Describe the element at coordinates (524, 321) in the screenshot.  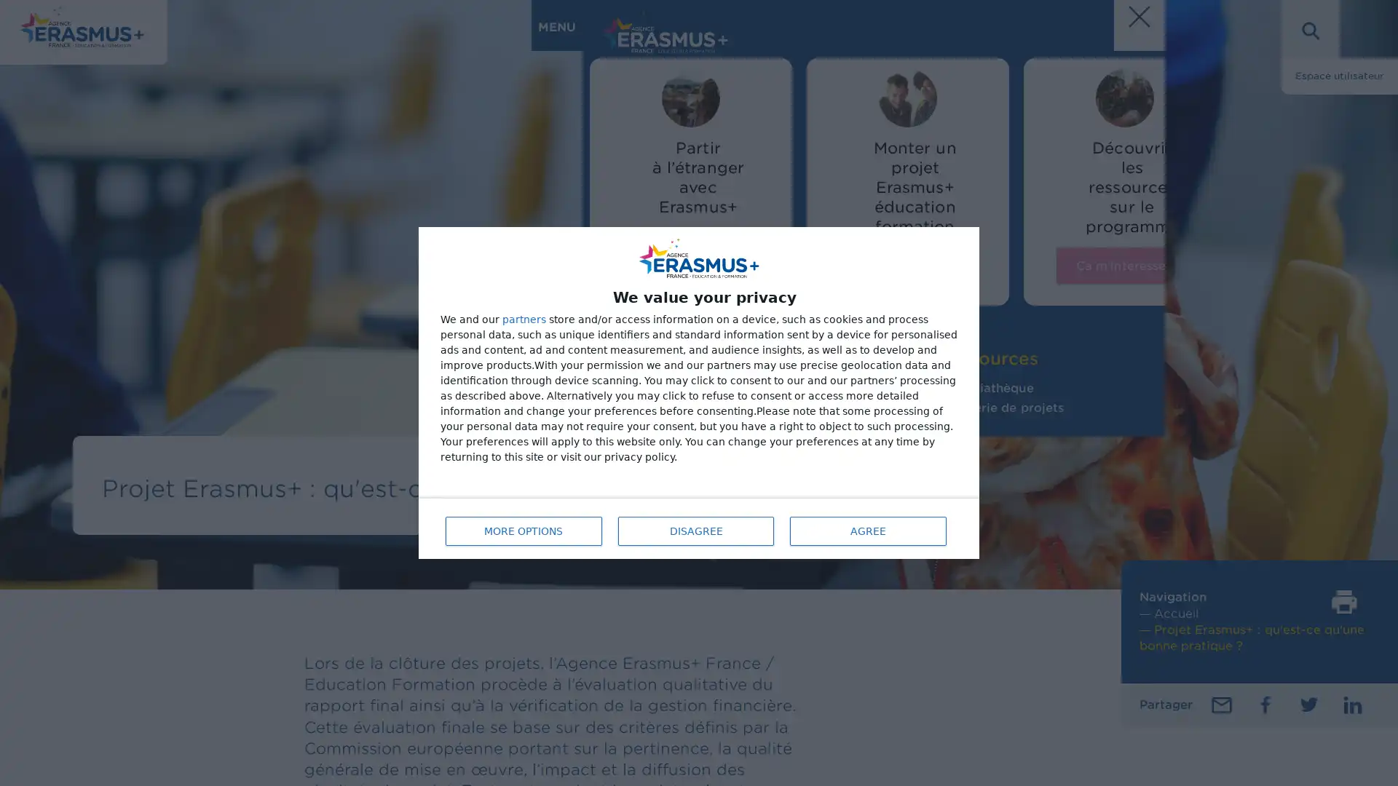
I see `partners` at that location.